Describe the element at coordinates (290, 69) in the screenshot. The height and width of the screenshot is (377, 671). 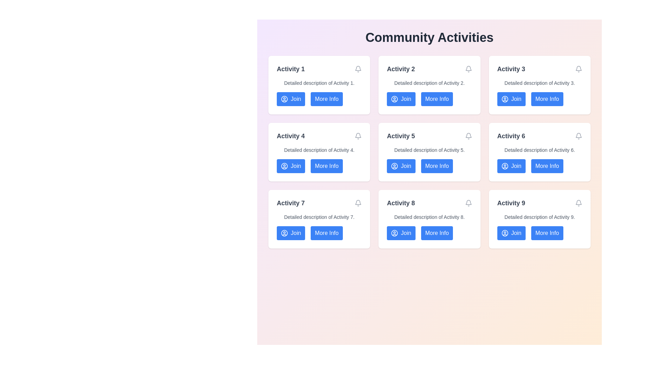
I see `the title text label for 'Activity 1' located in the top-left card of the grid layout to focus on it` at that location.